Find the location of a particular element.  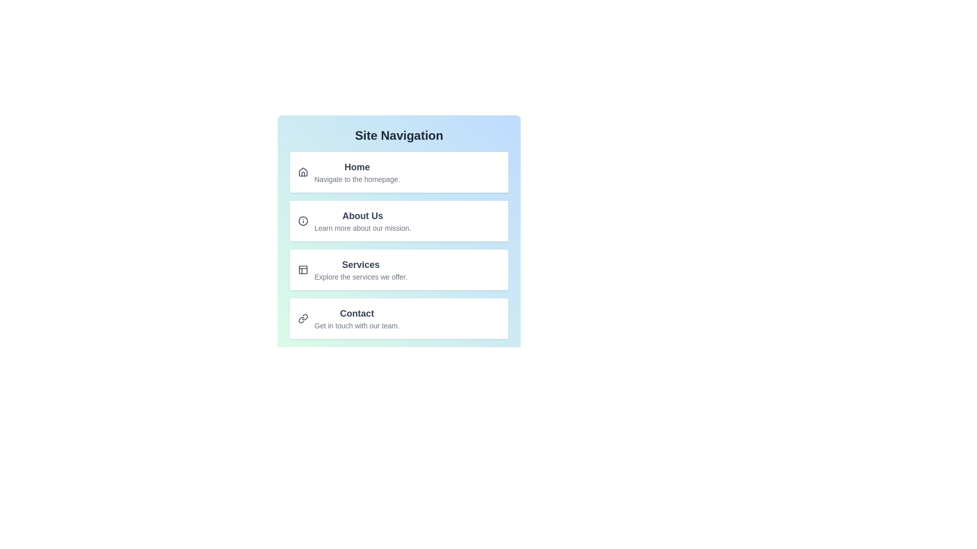

the chain link icon, which is a vector graphic element located in the 'Contact' section of the navigation panel, to the left of the text label is located at coordinates (301, 319).